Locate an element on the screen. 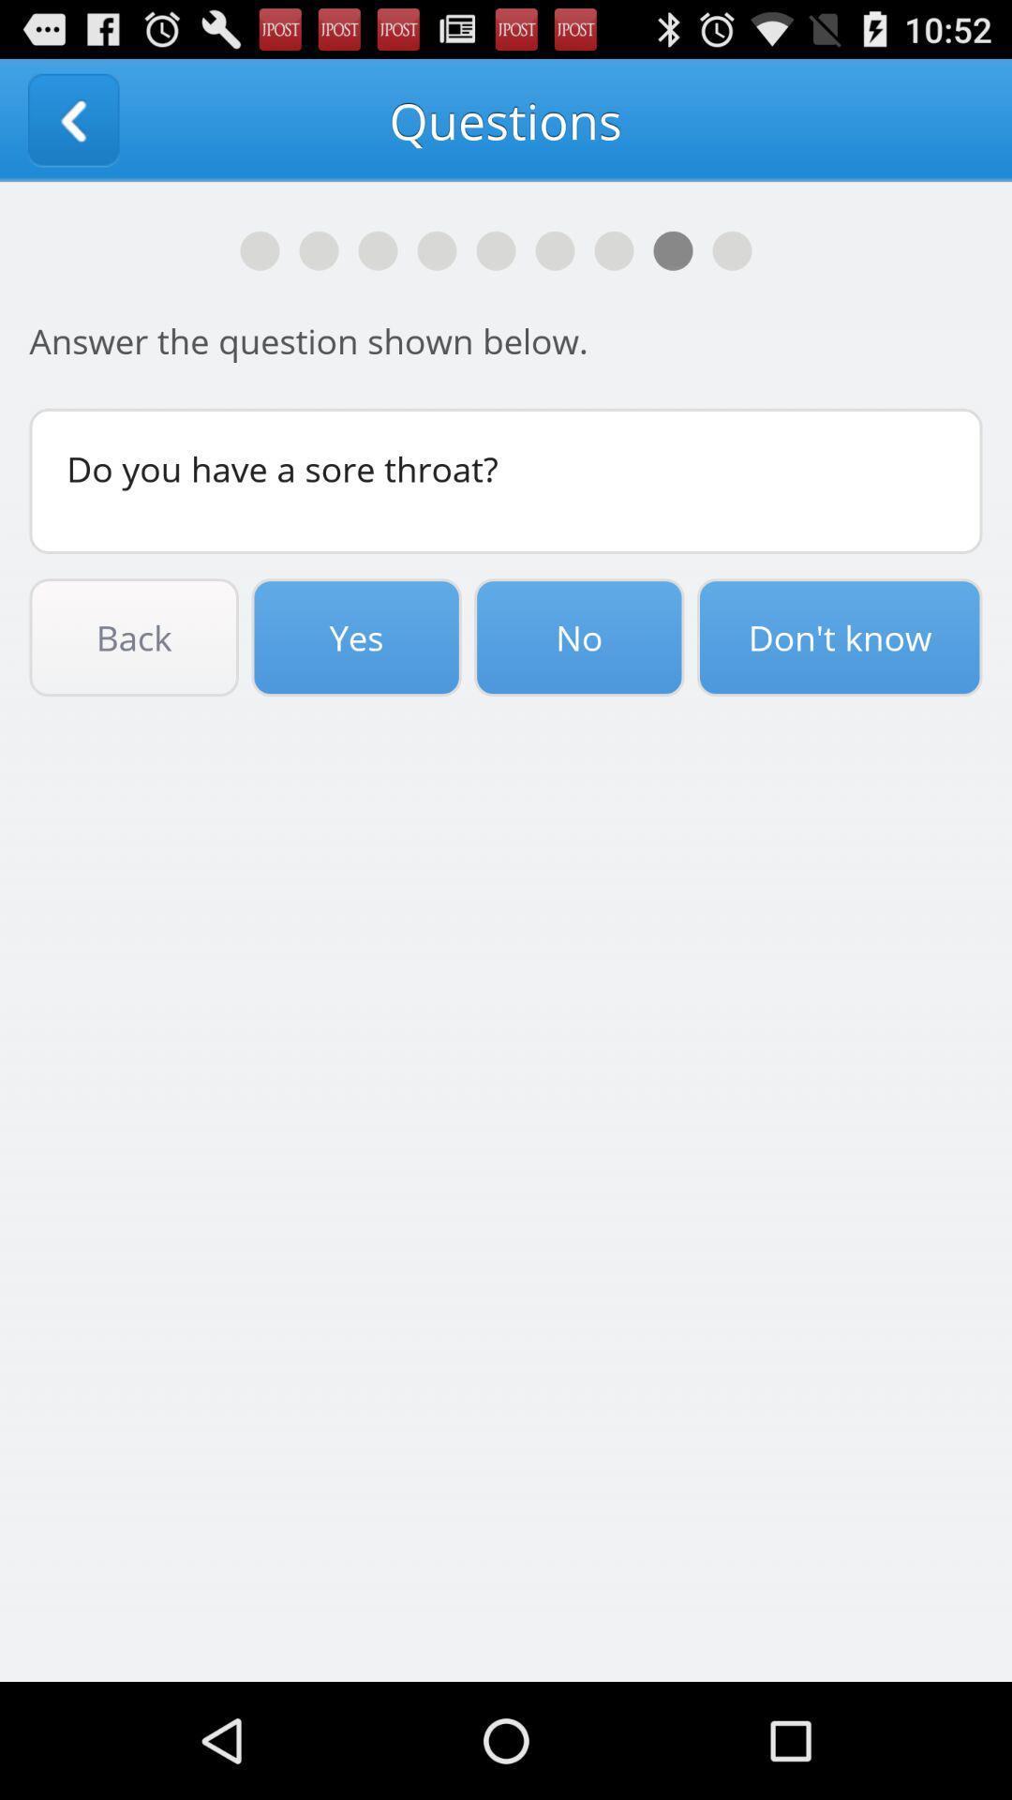 The width and height of the screenshot is (1012, 1800). go back is located at coordinates (72, 119).